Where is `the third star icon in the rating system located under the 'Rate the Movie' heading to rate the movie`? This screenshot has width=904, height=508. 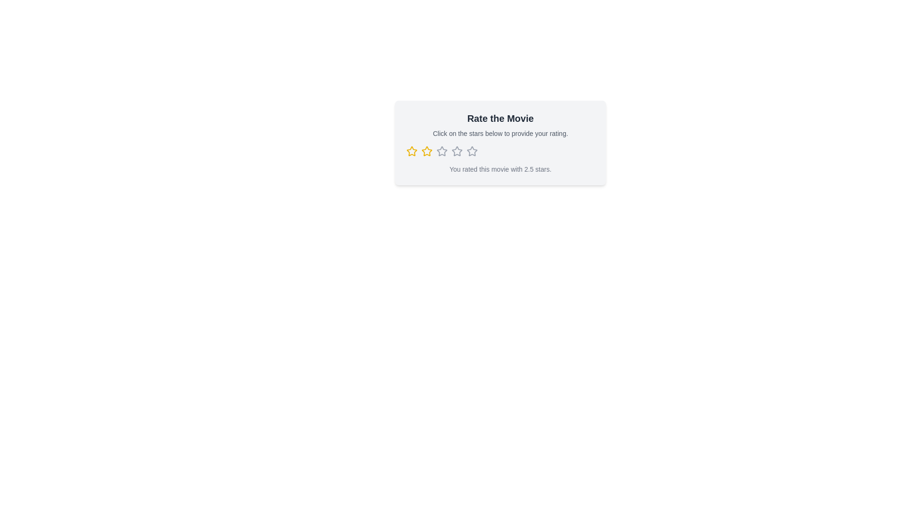
the third star icon in the rating system located under the 'Rate the Movie' heading to rate the movie is located at coordinates (441, 150).